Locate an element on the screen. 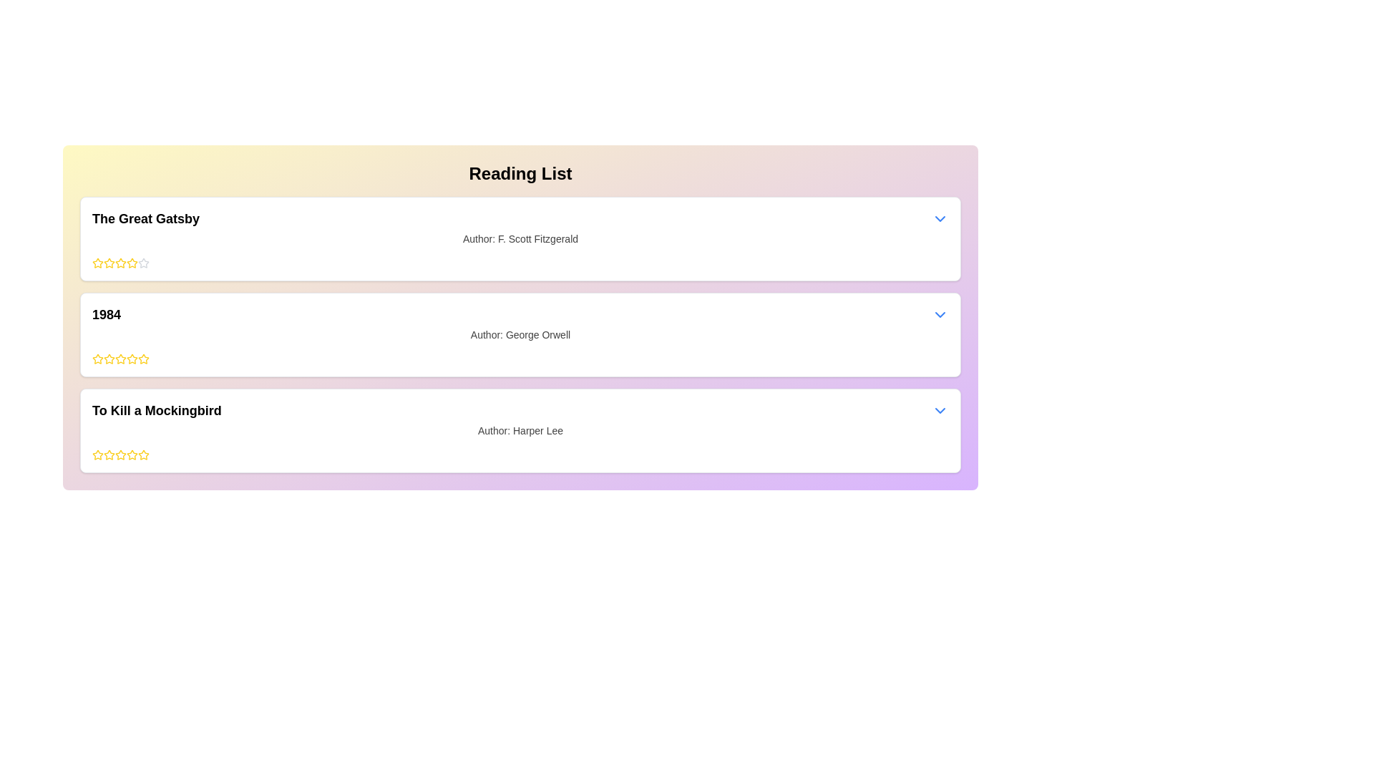  the Static Text Label that represents the title of a book or list item, located at the center of the viewport in the middle slot of three visible list entries is located at coordinates (105, 313).